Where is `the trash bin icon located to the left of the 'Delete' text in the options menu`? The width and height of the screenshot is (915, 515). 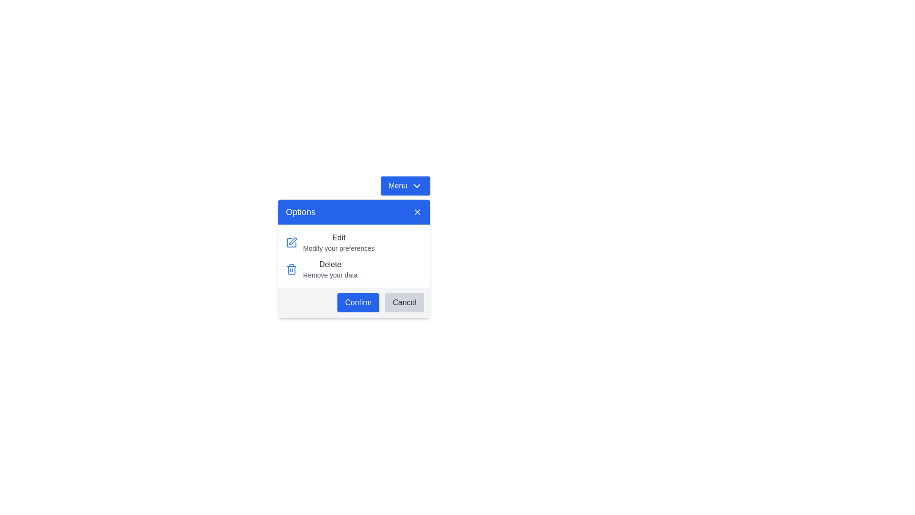 the trash bin icon located to the left of the 'Delete' text in the options menu is located at coordinates (291, 270).